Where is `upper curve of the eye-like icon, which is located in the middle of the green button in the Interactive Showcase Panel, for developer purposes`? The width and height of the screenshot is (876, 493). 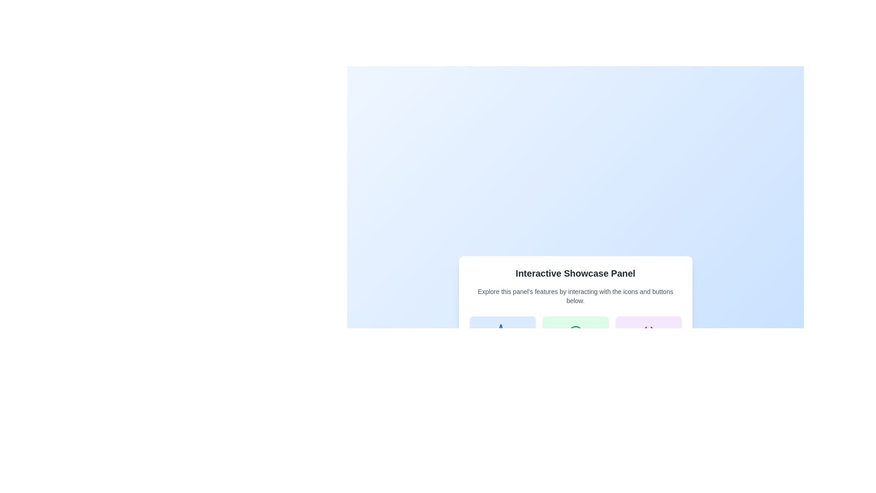
upper curve of the eye-like icon, which is located in the middle of the green button in the Interactive Showcase Panel, for developer purposes is located at coordinates (575, 331).